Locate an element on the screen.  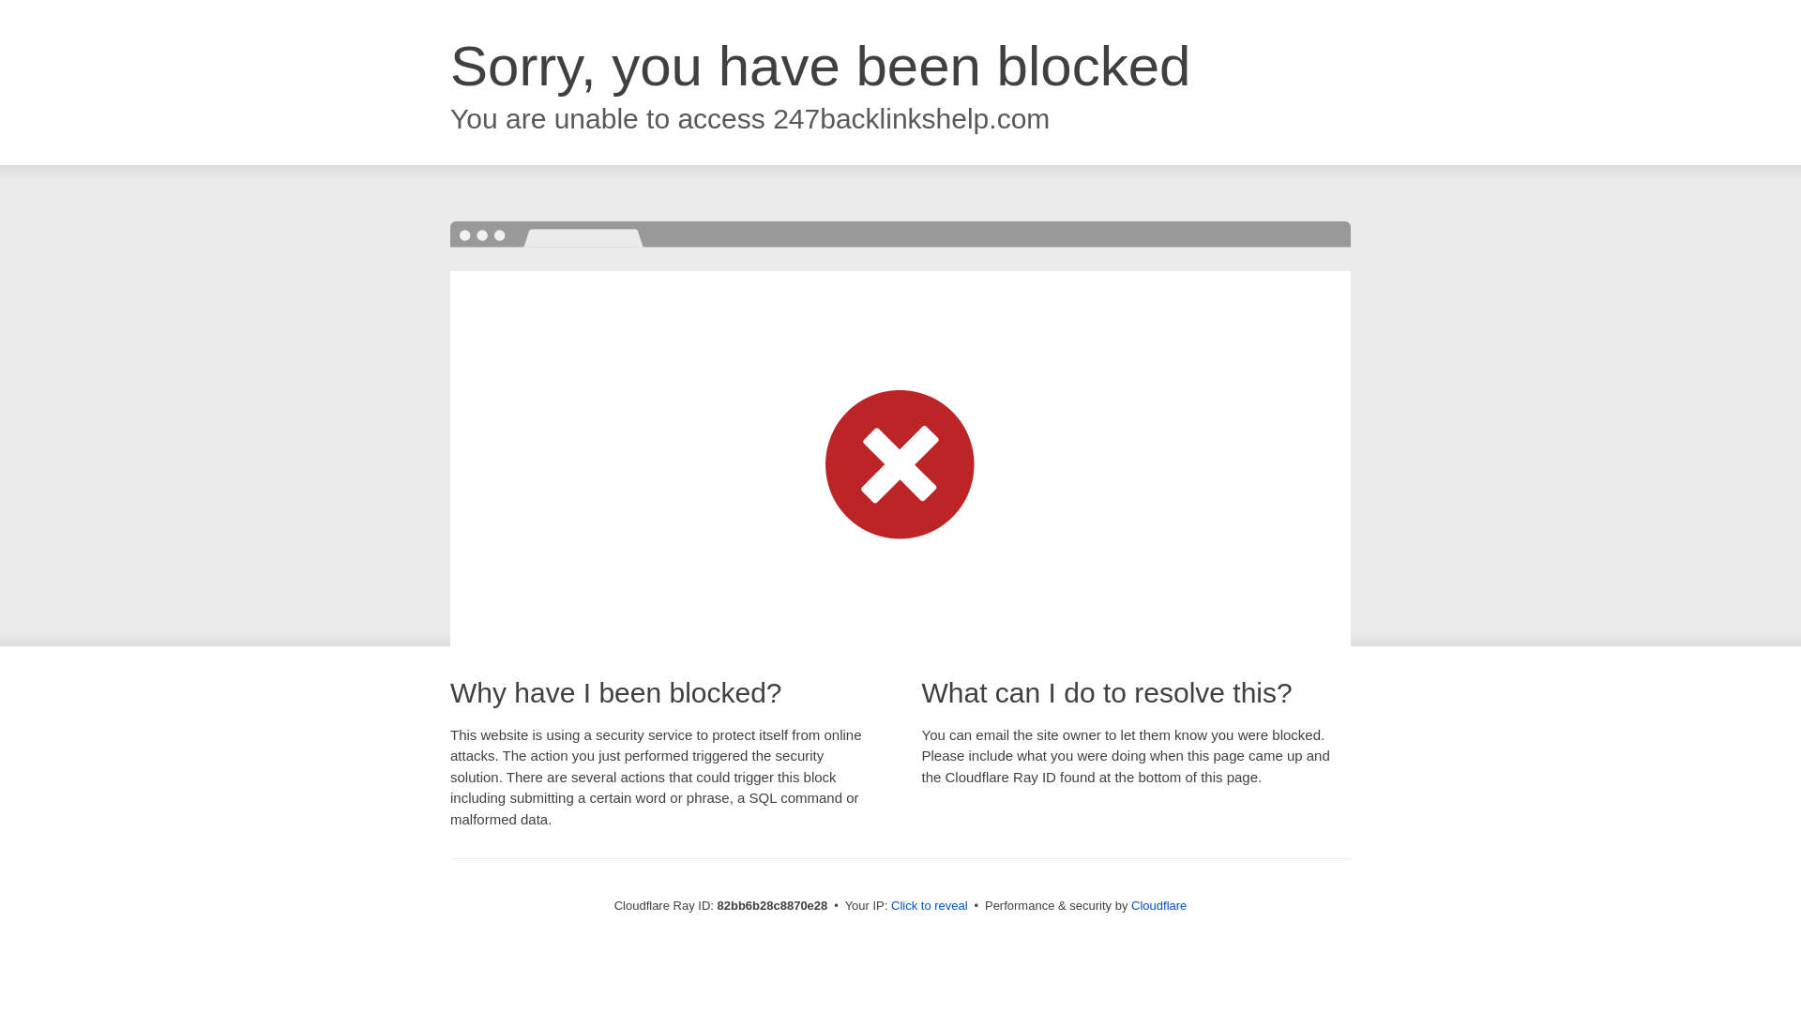
'Cloudflare' is located at coordinates (1158, 904).